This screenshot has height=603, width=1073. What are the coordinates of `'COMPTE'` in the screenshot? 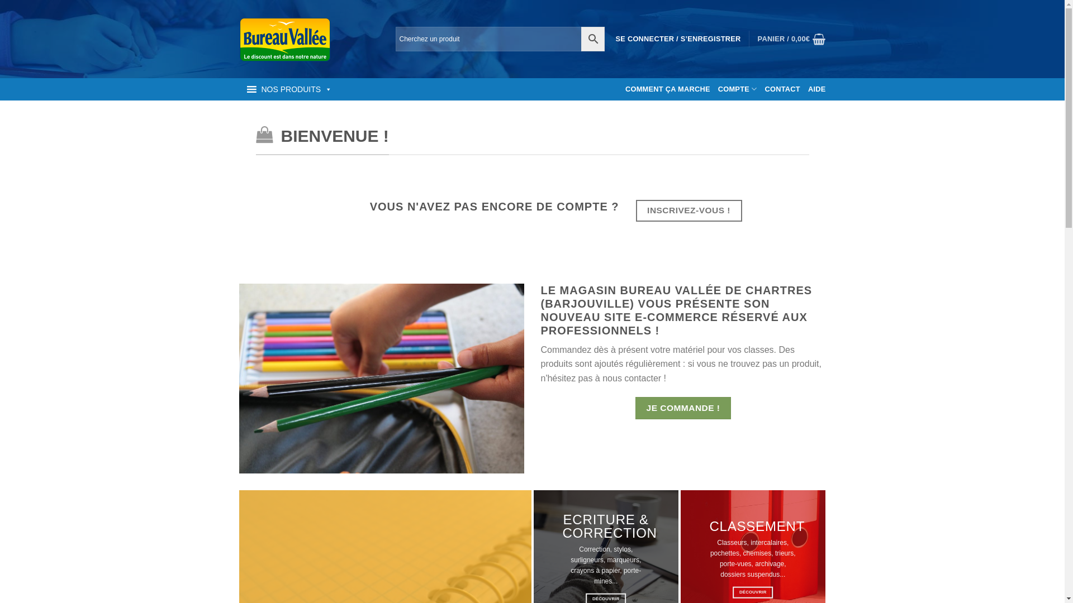 It's located at (738, 88).